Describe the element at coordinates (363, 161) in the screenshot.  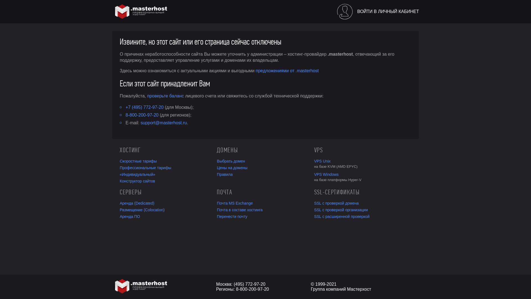
I see `'VPS Unix'` at that location.